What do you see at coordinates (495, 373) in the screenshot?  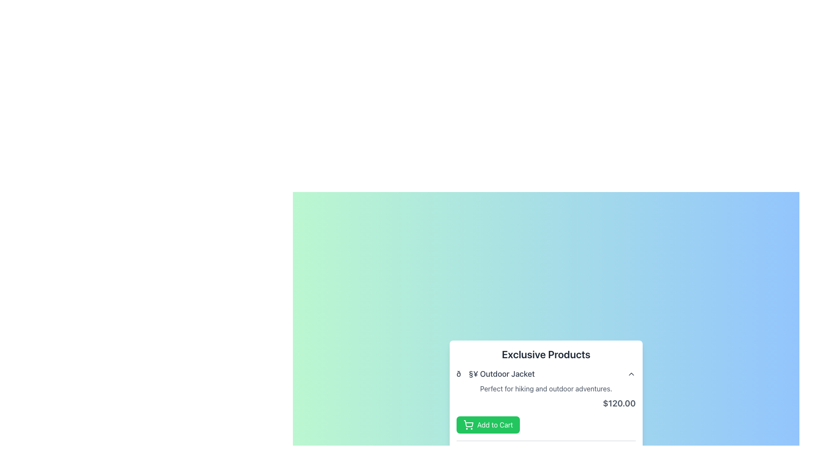 I see `the text label containing 'ð §¥ Outdoor Jacket' located at the top-left of the product card` at bounding box center [495, 373].